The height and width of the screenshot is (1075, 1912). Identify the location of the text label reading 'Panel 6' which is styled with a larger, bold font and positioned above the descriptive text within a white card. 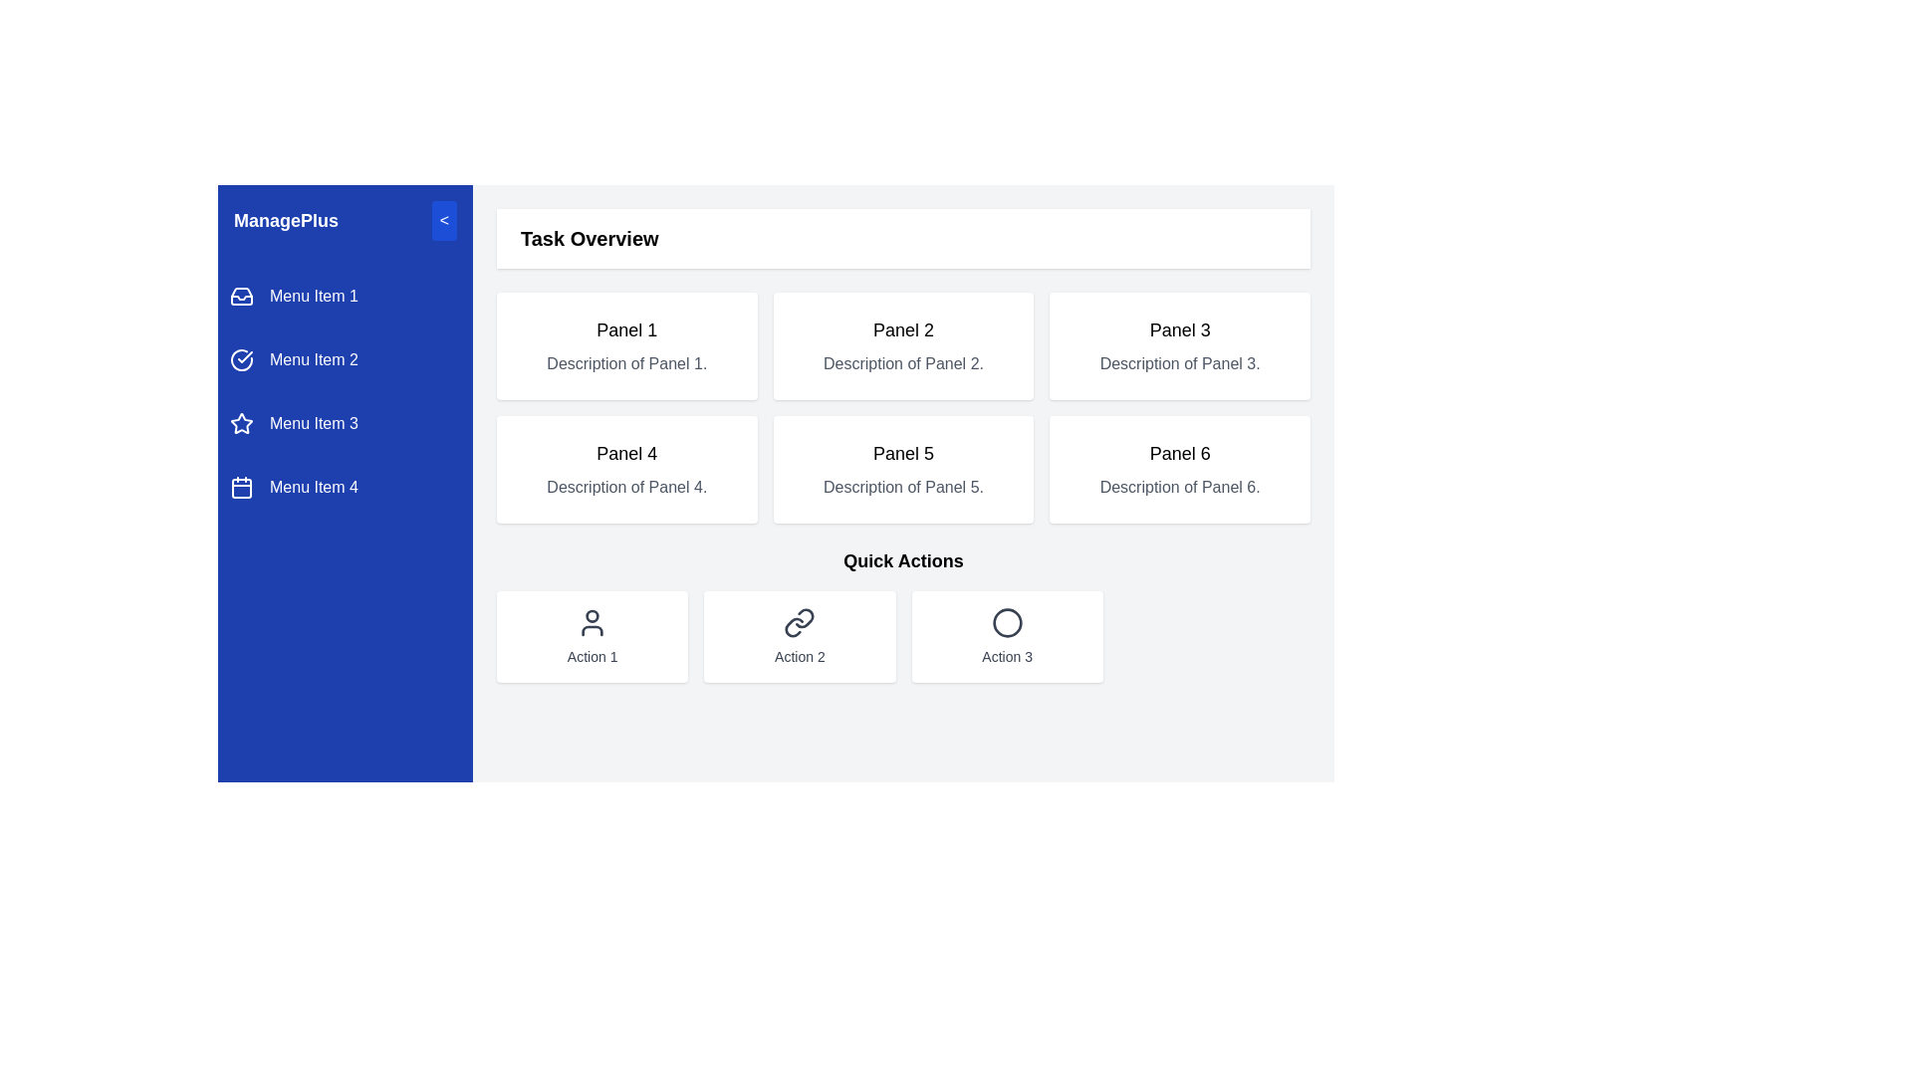
(1180, 453).